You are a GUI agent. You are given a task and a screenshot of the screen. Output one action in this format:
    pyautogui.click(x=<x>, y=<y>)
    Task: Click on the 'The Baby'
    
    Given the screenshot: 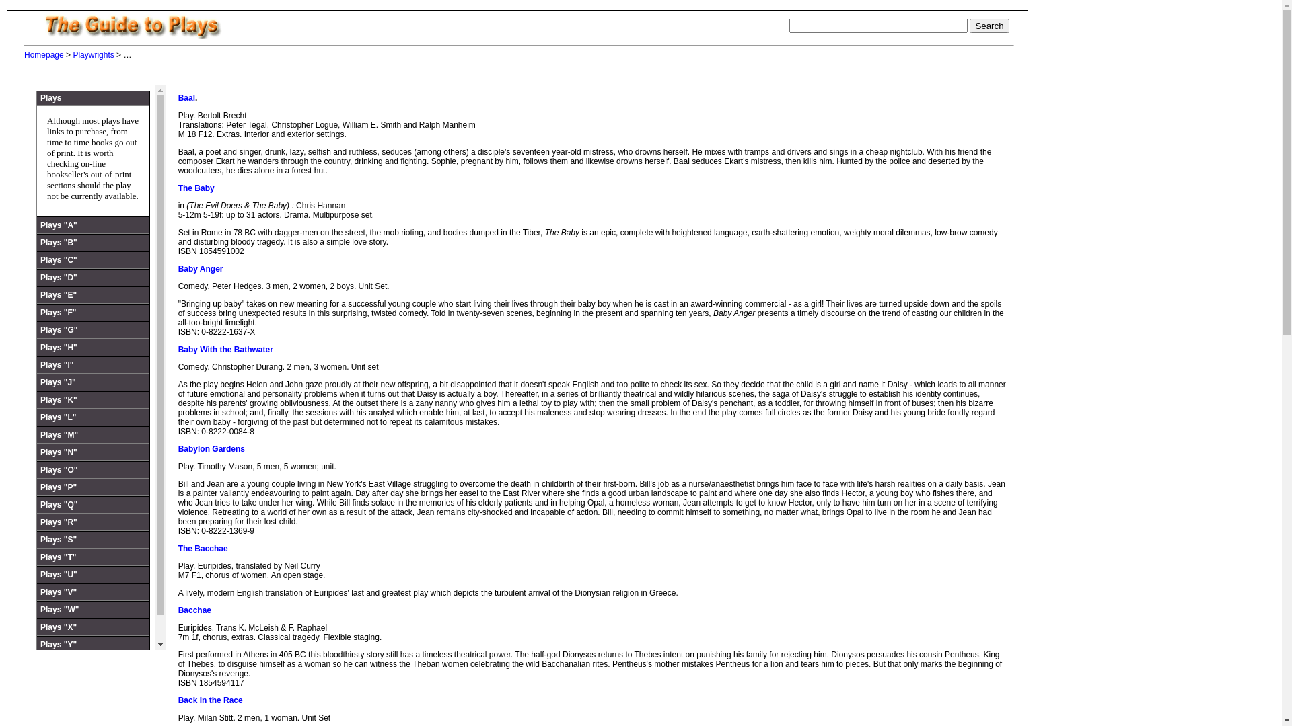 What is the action you would take?
    pyautogui.click(x=177, y=188)
    